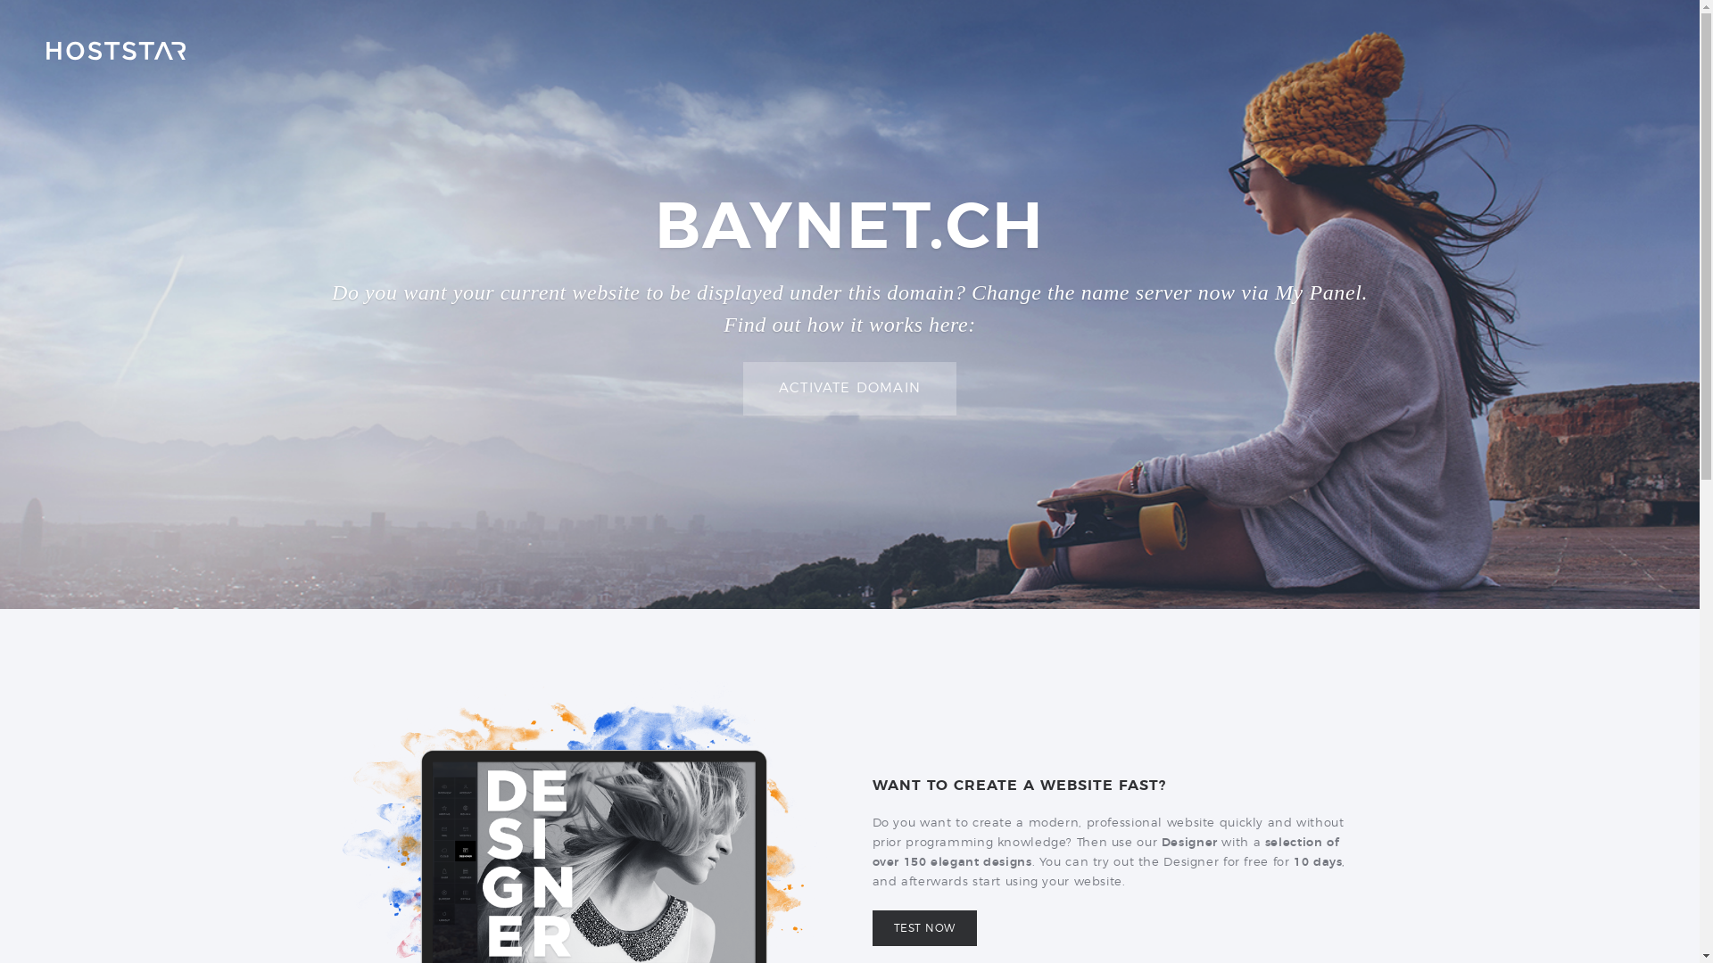  What do you see at coordinates (924, 927) in the screenshot?
I see `'TEST NOW'` at bounding box center [924, 927].